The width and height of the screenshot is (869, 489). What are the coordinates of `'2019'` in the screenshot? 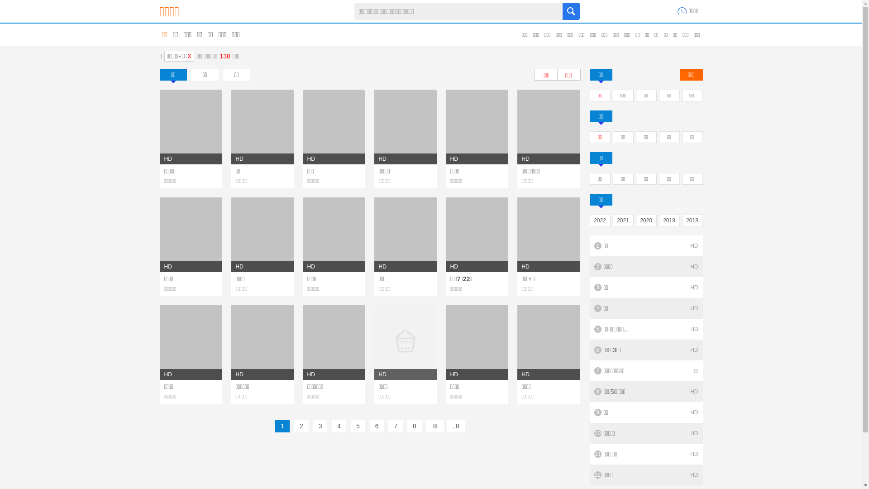 It's located at (659, 221).